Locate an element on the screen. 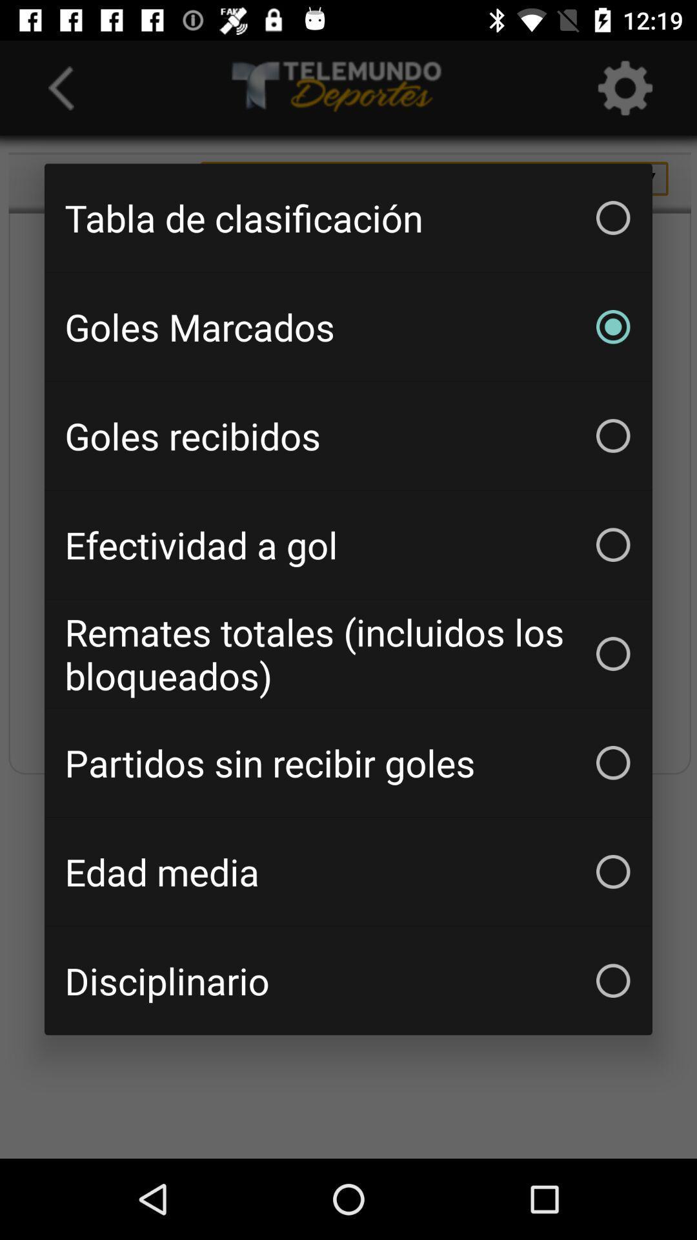 The image size is (697, 1240). the goles marcados item is located at coordinates (348, 327).